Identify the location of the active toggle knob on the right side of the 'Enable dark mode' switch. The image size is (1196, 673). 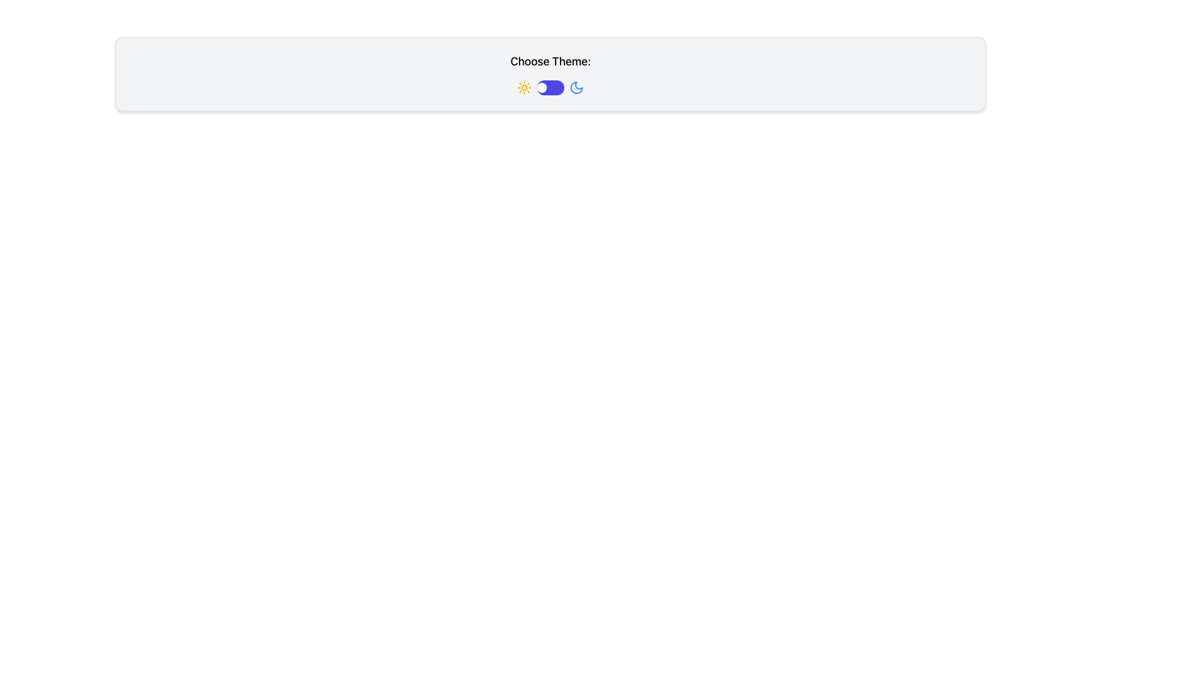
(541, 87).